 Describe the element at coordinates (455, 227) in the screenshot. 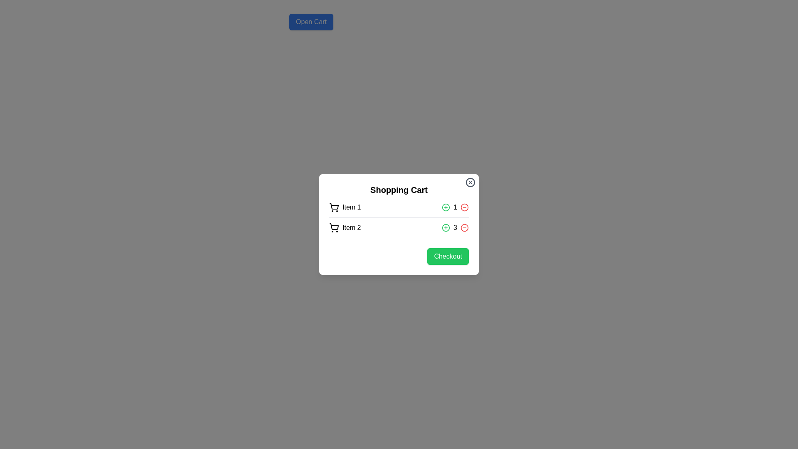

I see `the static text label displaying the quantity of 'Item 2' in the shopping cart, located centrally between the two circular buttons` at that location.